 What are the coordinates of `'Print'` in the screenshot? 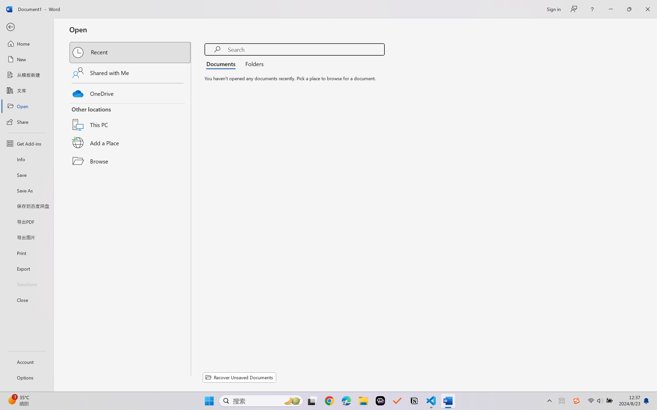 It's located at (26, 253).